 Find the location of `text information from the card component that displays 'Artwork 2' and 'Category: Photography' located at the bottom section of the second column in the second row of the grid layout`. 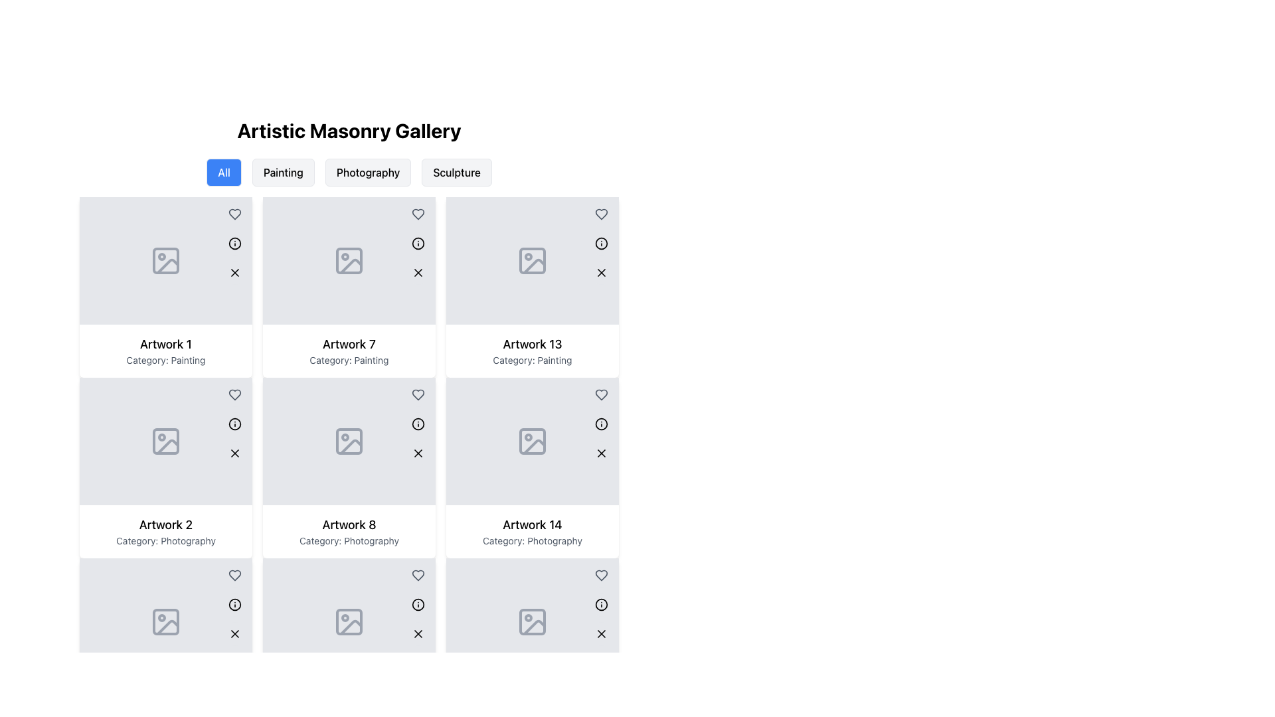

text information from the card component that displays 'Artwork 2' and 'Category: Photography' located at the bottom section of the second column in the second row of the grid layout is located at coordinates (165, 531).